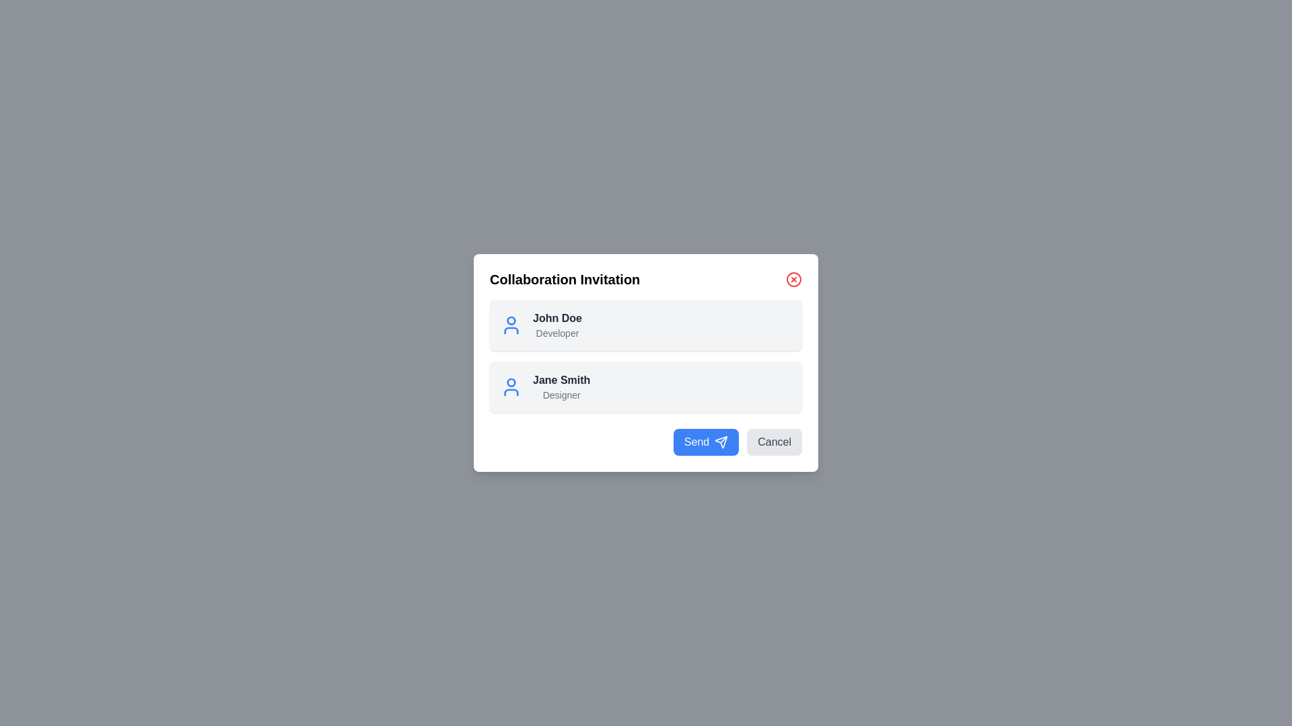 This screenshot has height=726, width=1292. What do you see at coordinates (705, 442) in the screenshot?
I see `'Send' button to confirm sending invitations` at bounding box center [705, 442].